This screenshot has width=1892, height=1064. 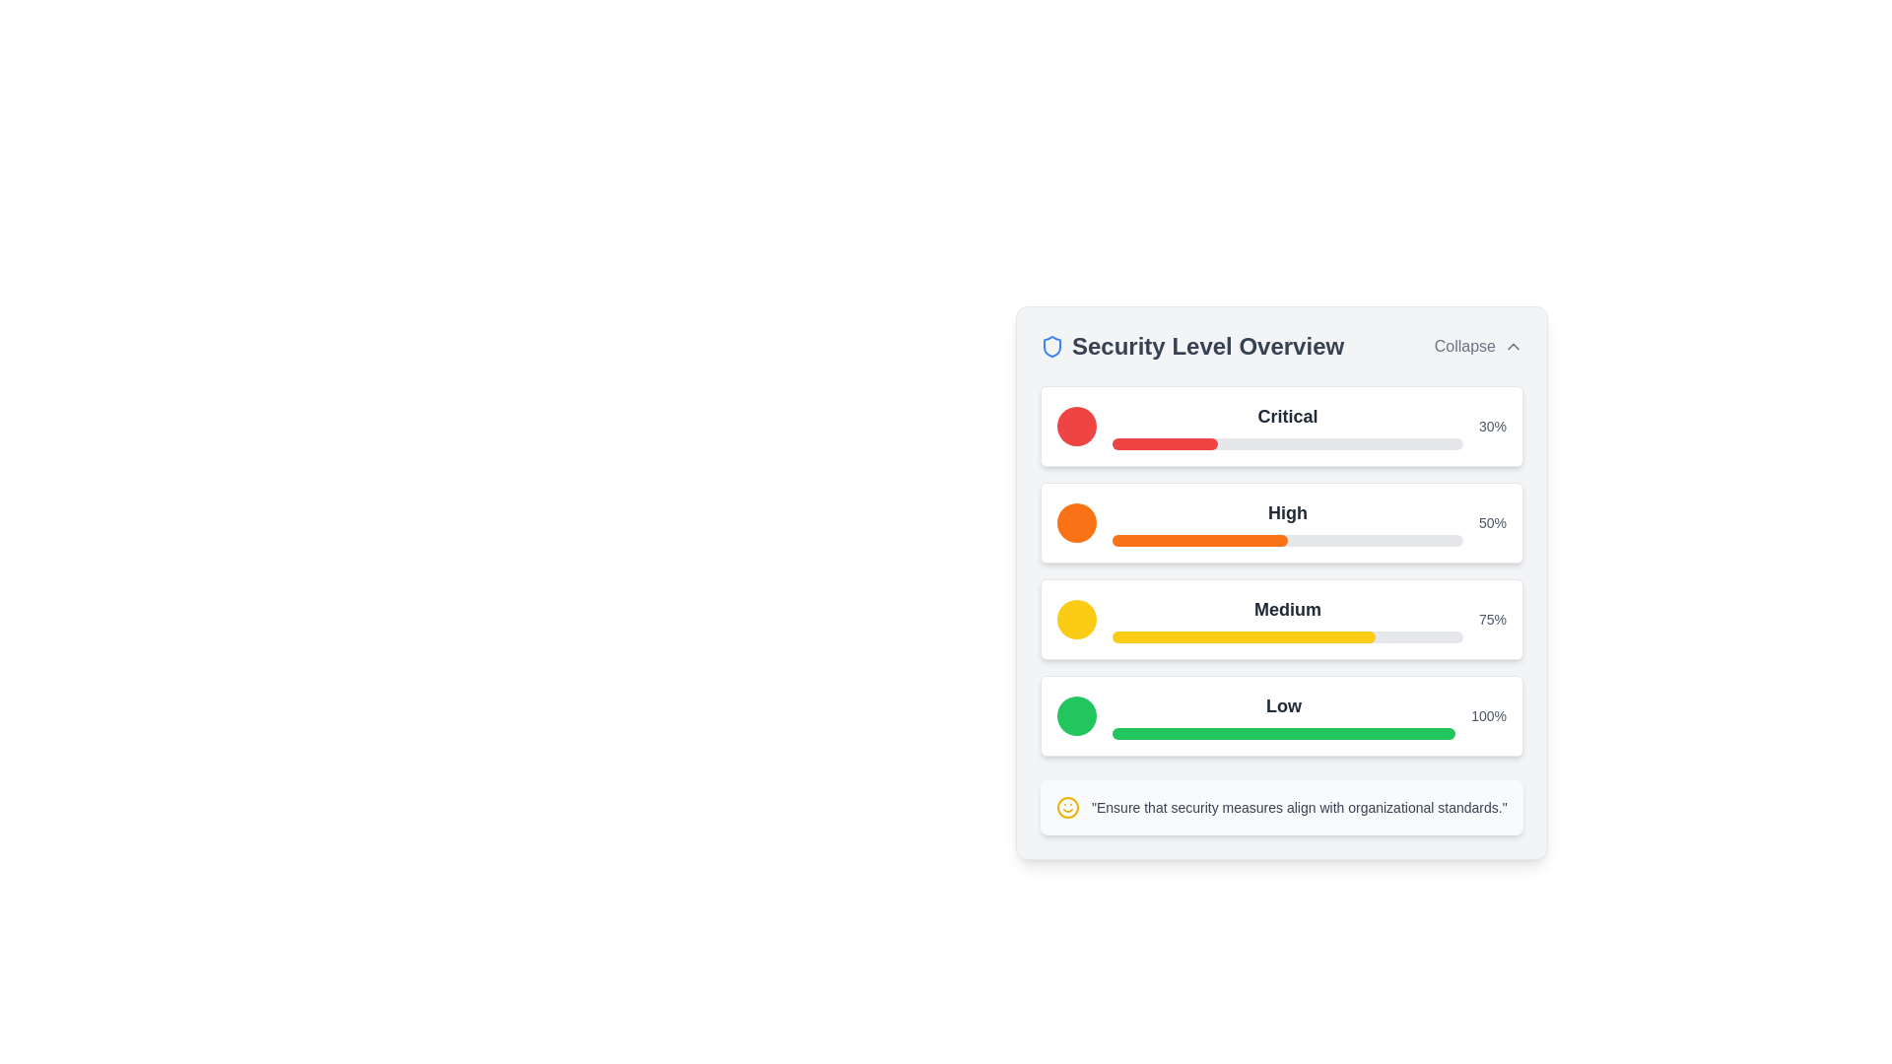 What do you see at coordinates (1076, 425) in the screenshot?
I see `the decorative circular icon indicating the 'Critical' security level, which is red and positioned to the left of the 'Critical' text and a progress bar` at bounding box center [1076, 425].